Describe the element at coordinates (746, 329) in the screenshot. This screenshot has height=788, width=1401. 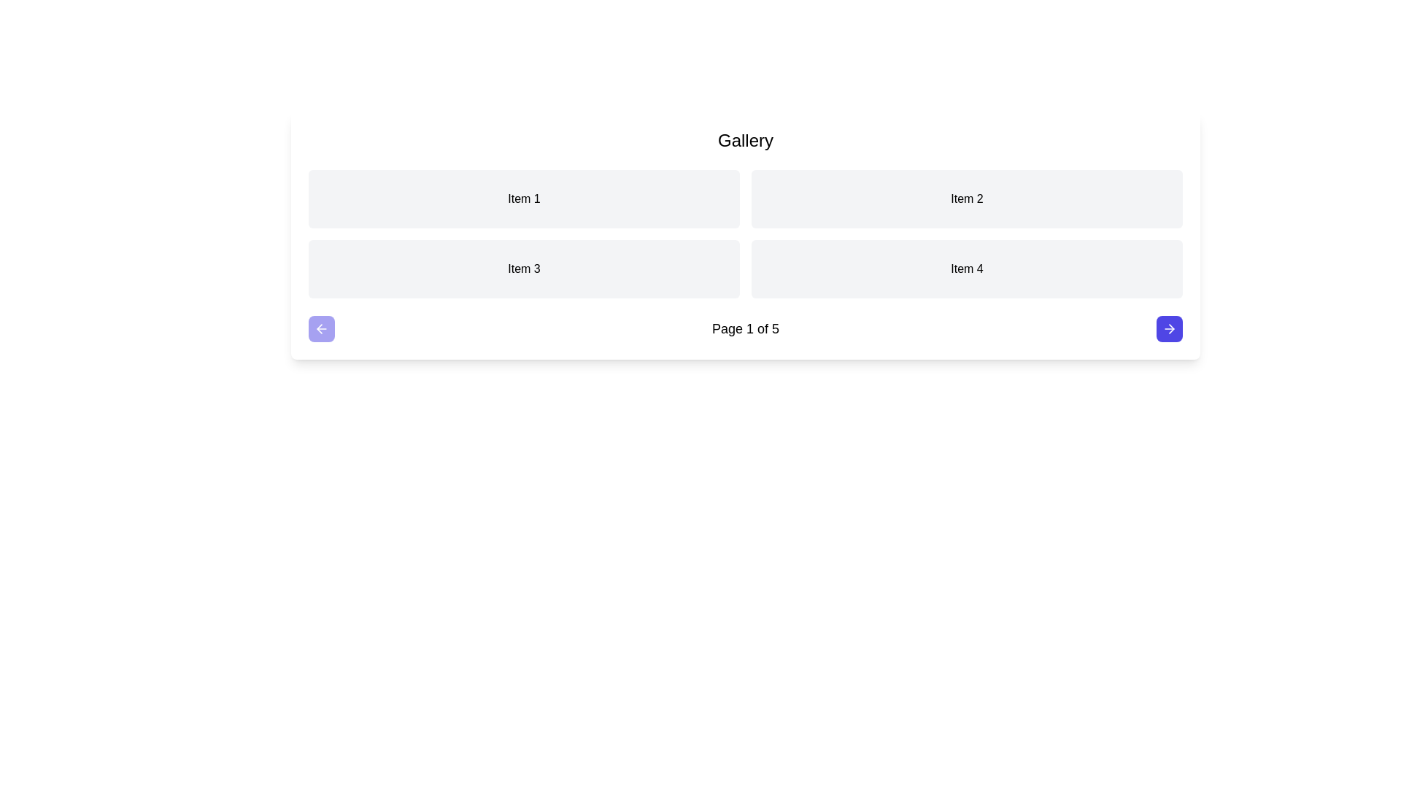
I see `the informational Text label that indicates the current page and total number of pages in the gallery, positioned in the middle of the bottom row between navigation buttons` at that location.